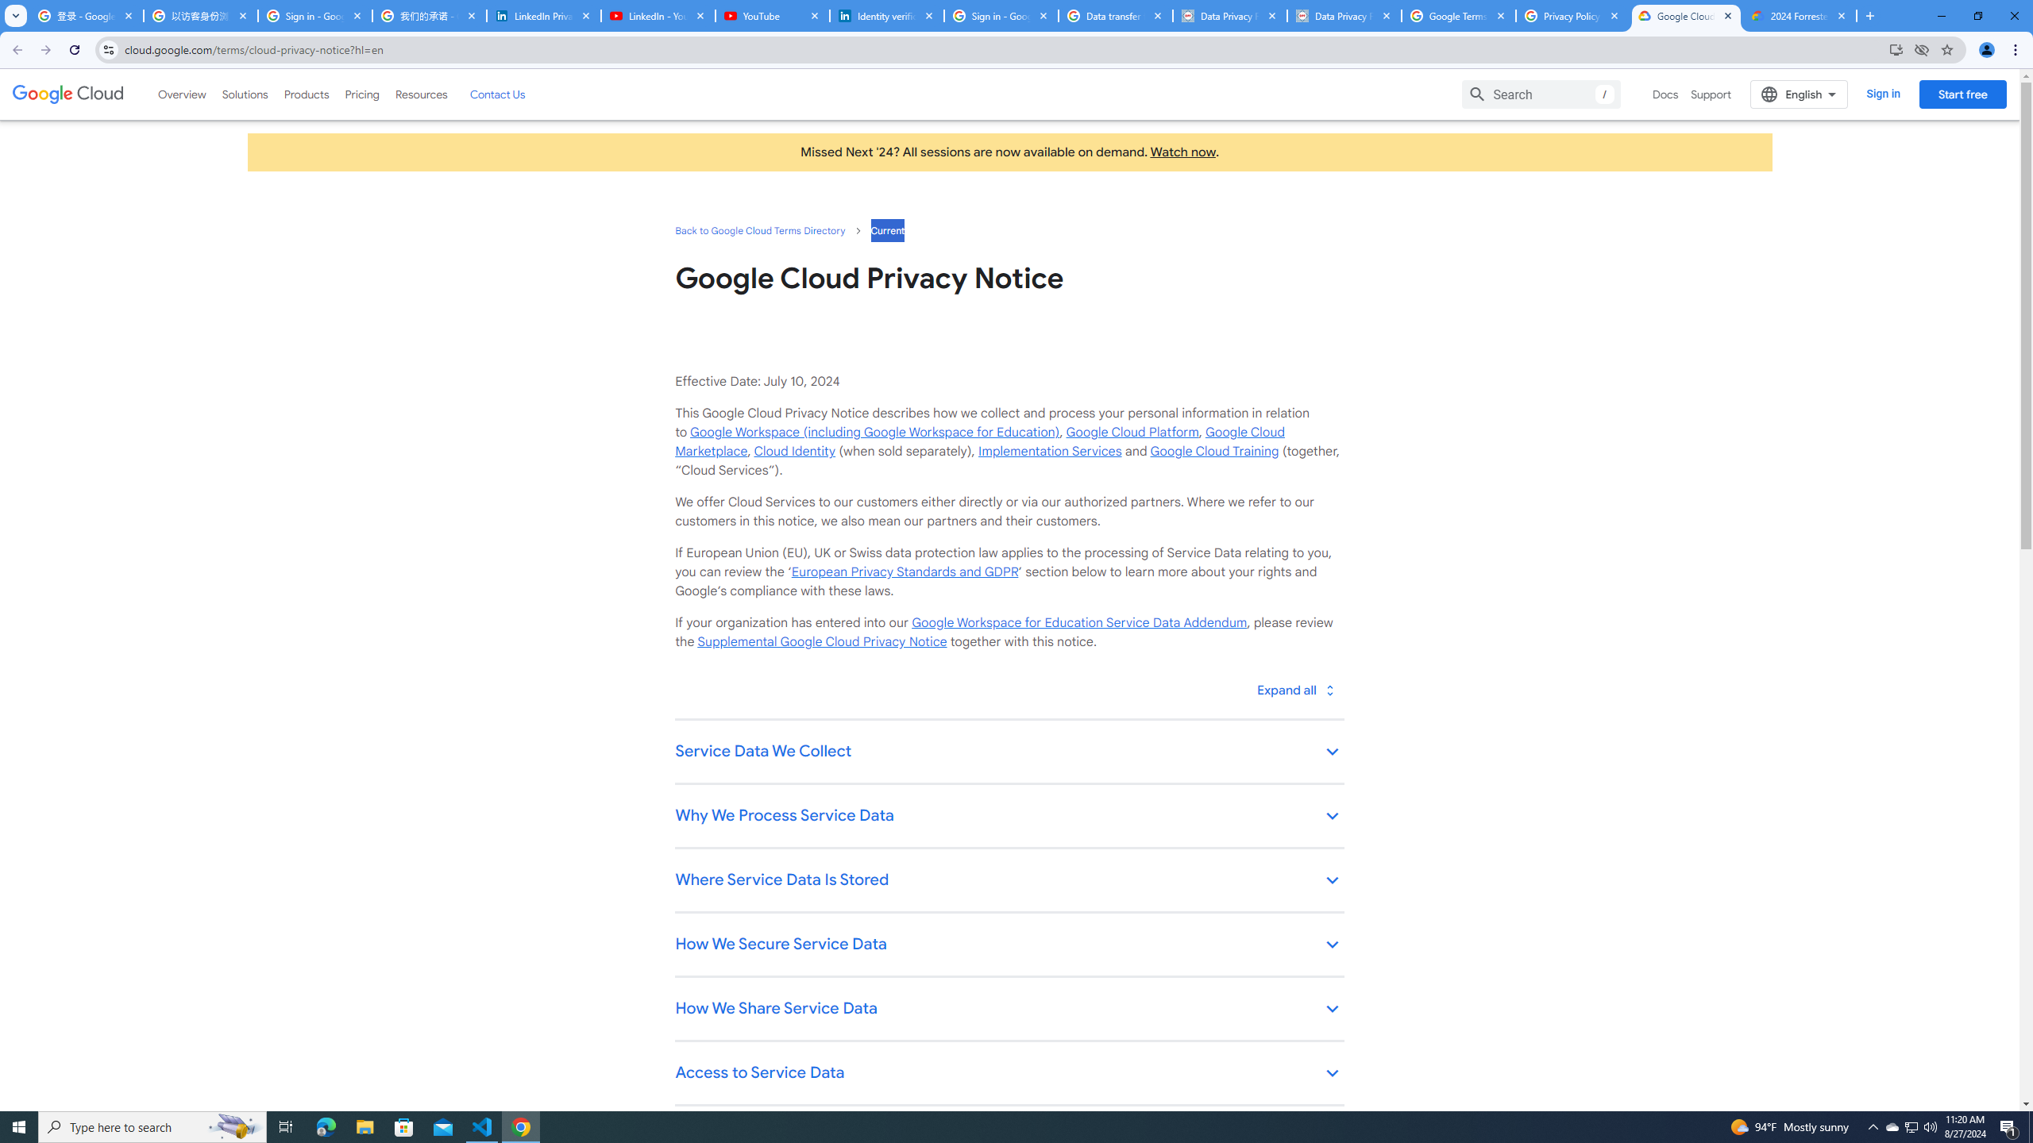 Image resolution: width=2033 pixels, height=1143 pixels. I want to click on 'Google Workspace (including Google Workspace for Education)', so click(874, 432).